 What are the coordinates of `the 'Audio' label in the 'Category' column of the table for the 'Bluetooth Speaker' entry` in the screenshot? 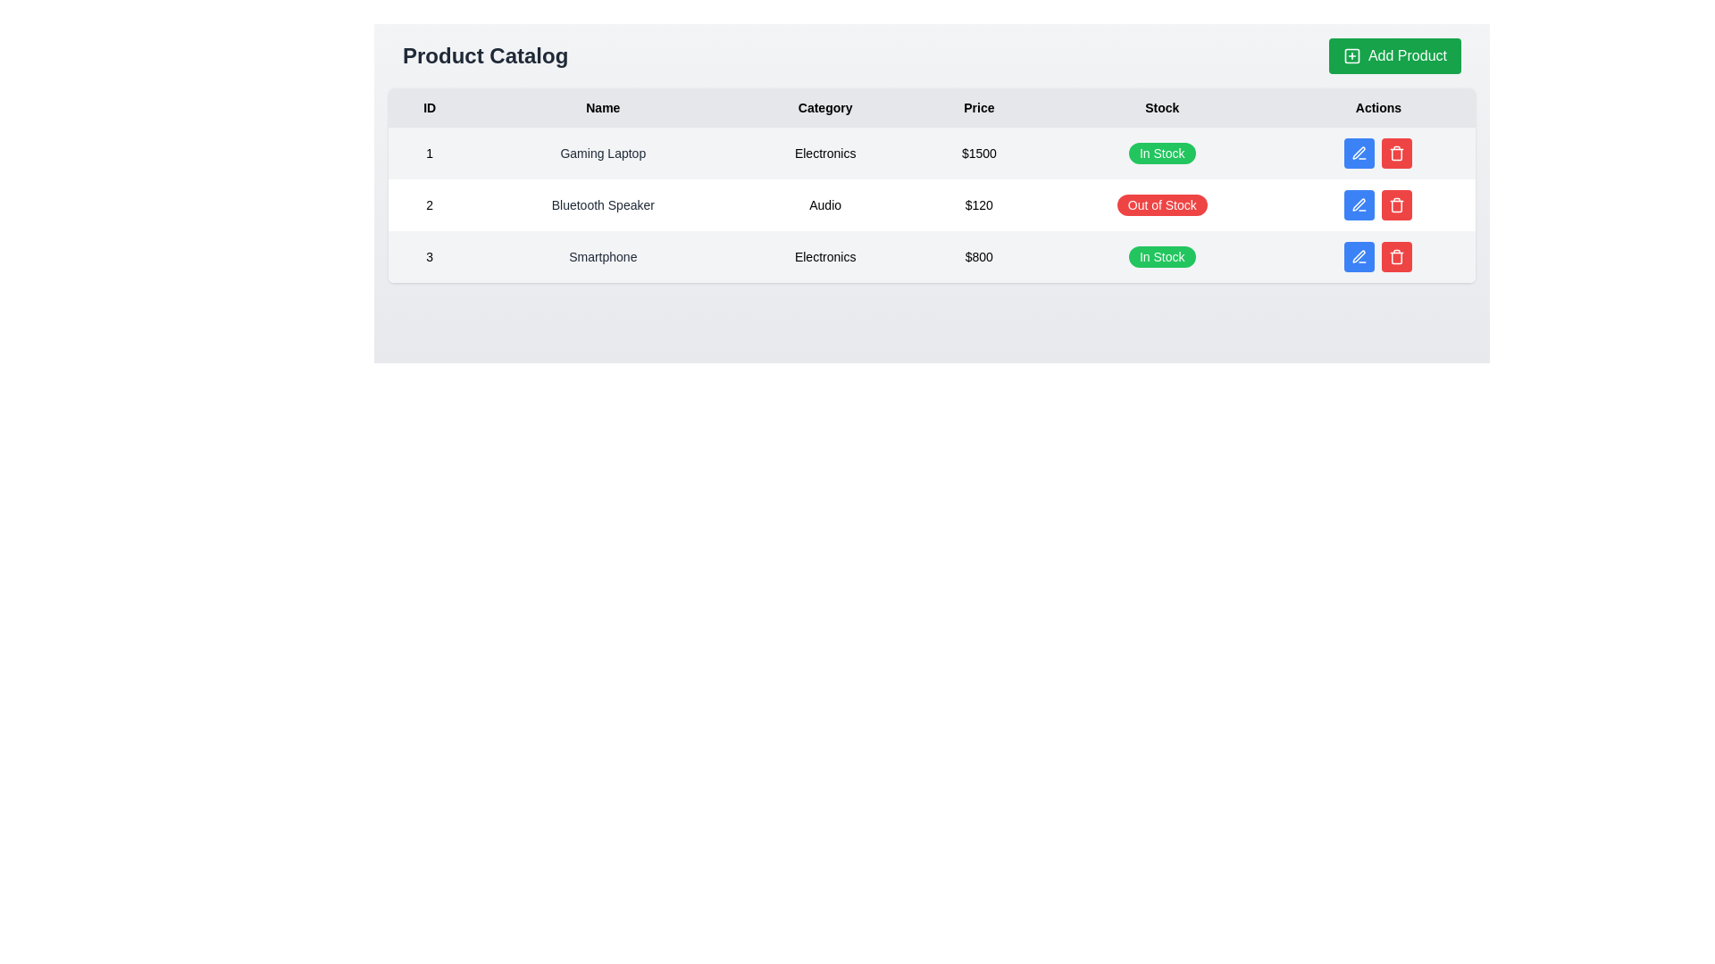 It's located at (824, 204).